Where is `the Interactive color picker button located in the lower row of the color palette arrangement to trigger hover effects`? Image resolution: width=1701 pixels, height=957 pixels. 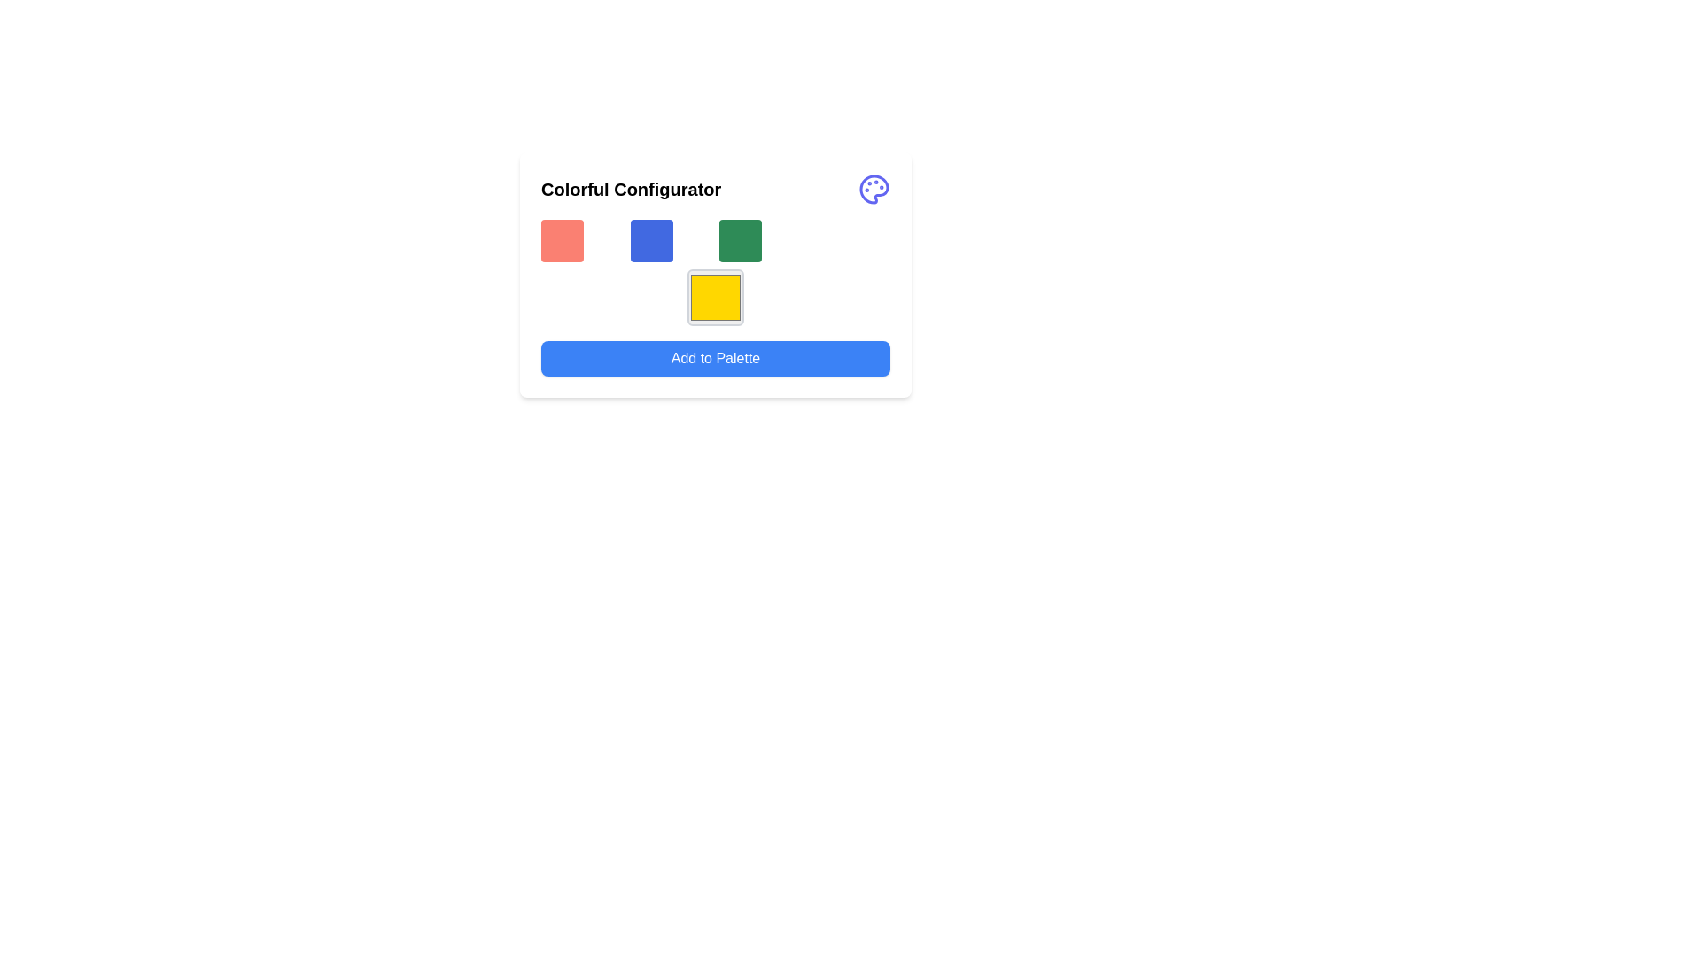
the Interactive color picker button located in the lower row of the color palette arrangement to trigger hover effects is located at coordinates (715, 296).